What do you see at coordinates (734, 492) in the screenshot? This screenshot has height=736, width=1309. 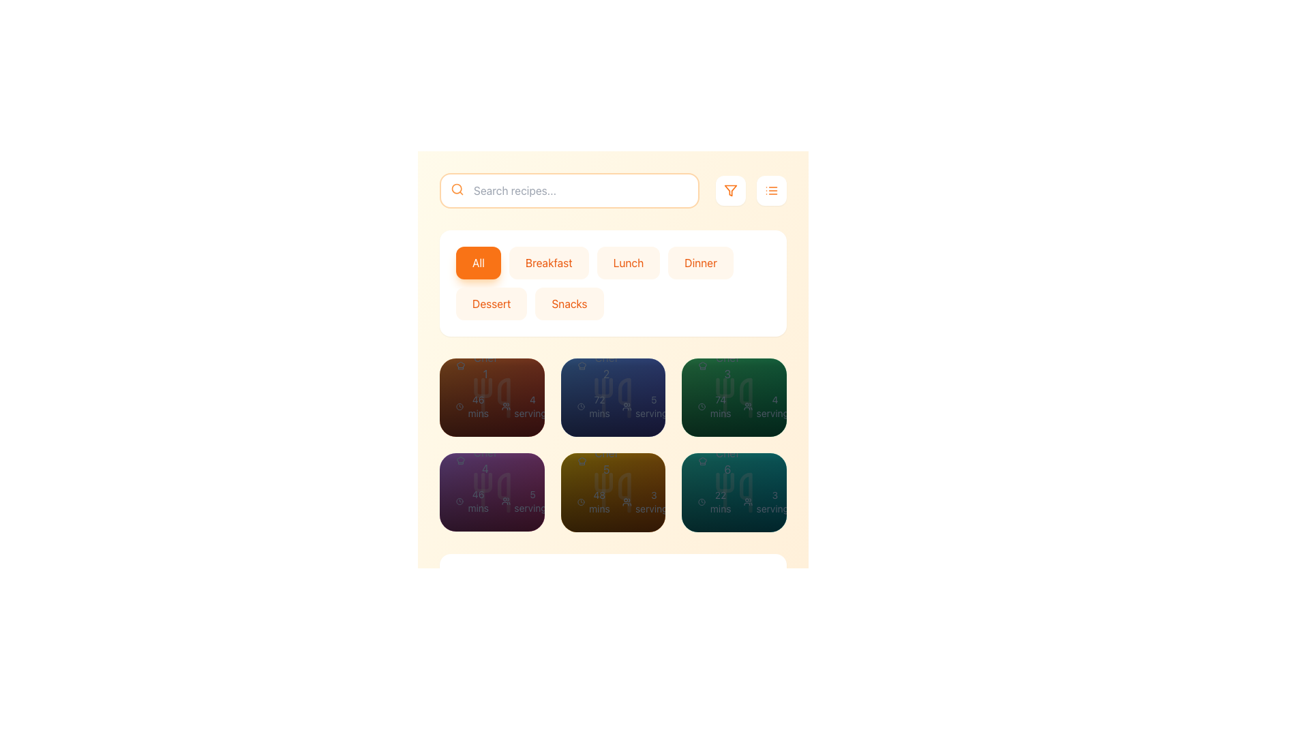 I see `the recipe card located in the bottom-right corner of a 3x2 grid` at bounding box center [734, 492].